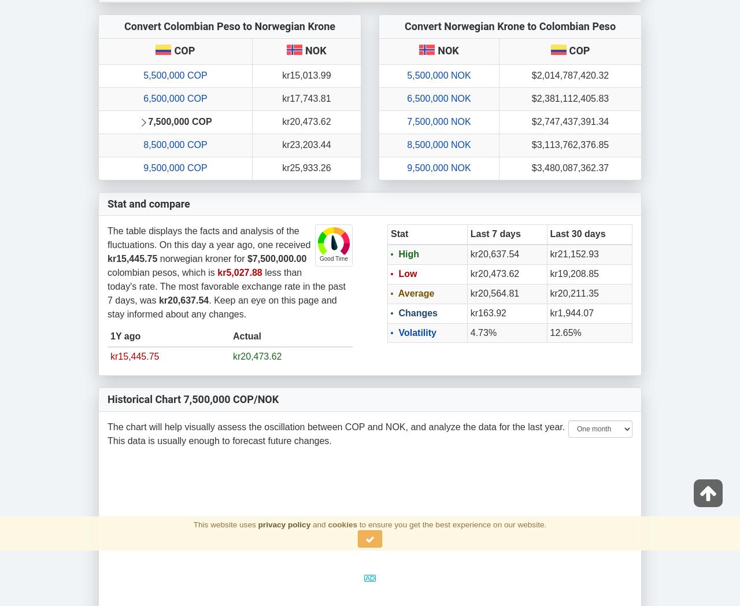 This screenshot has width=740, height=606. I want to click on 'less than today's rate. The most favorable exchange rate in the past 7 days, was', so click(107, 286).